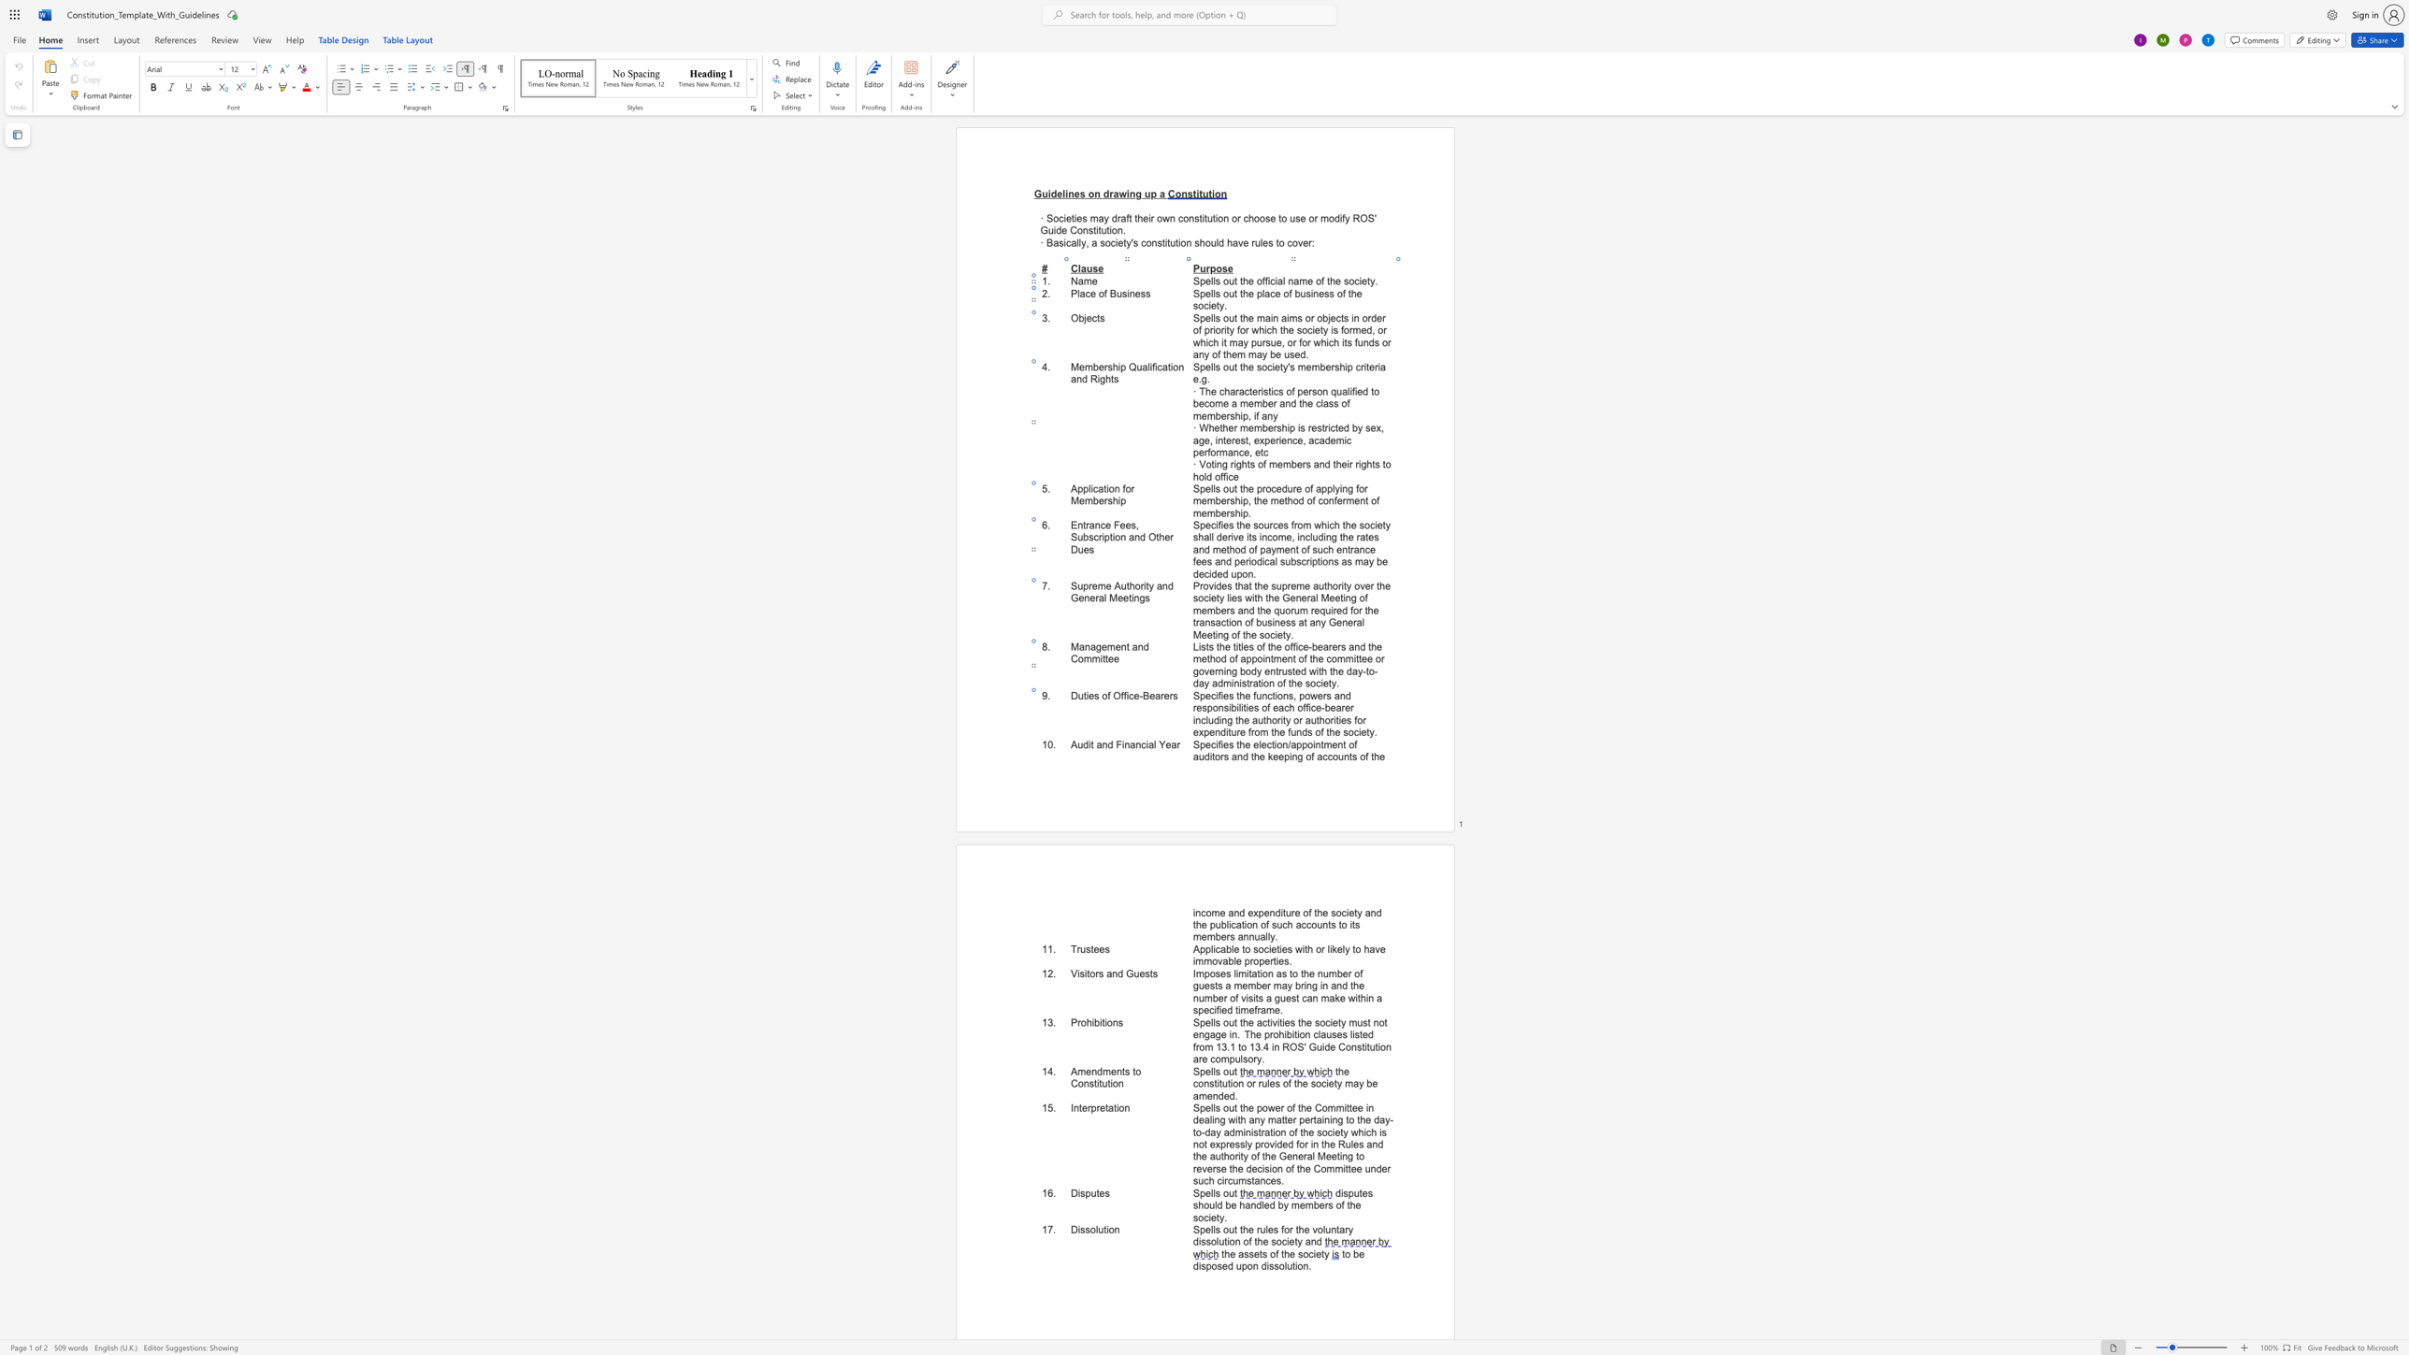 The image size is (2409, 1355). I want to click on the 2th character "u" in the text, so click(1123, 586).